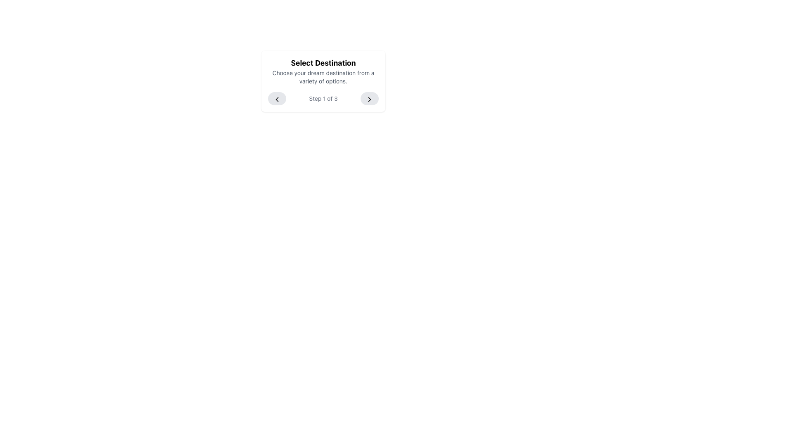  What do you see at coordinates (277, 98) in the screenshot?
I see `the left-facing chevron icon button within the circular button for navigation located to the left of the 'Select Destination' card` at bounding box center [277, 98].